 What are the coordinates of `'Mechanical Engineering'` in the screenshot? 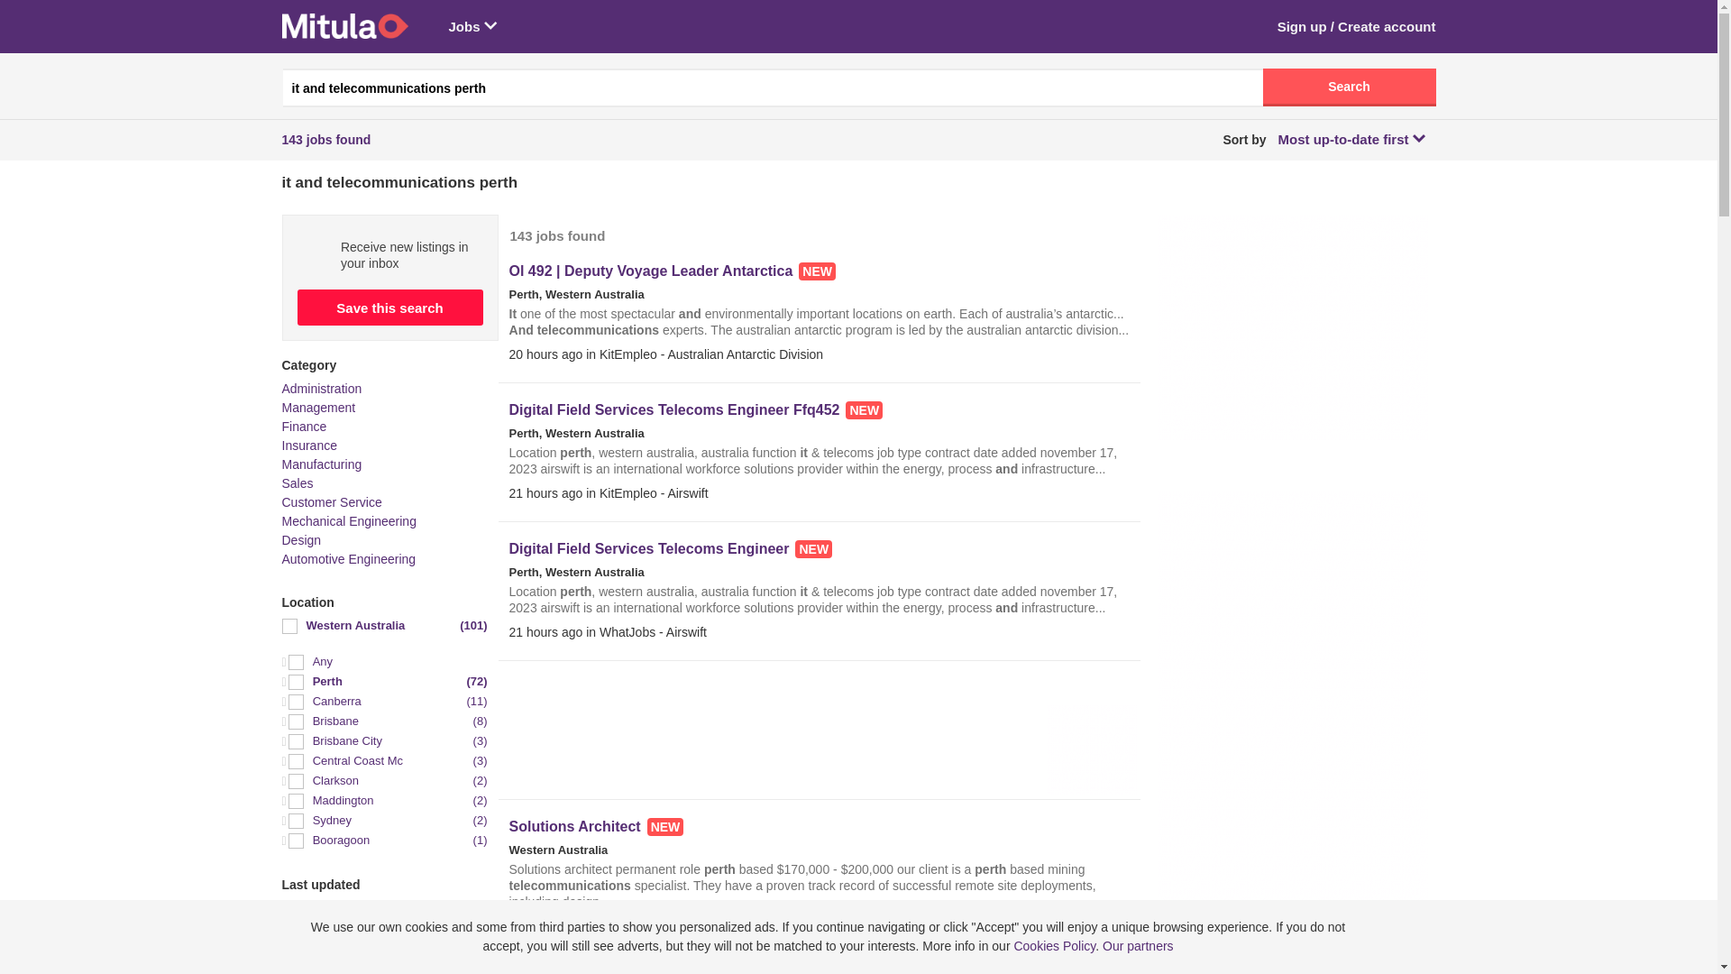 It's located at (348, 521).